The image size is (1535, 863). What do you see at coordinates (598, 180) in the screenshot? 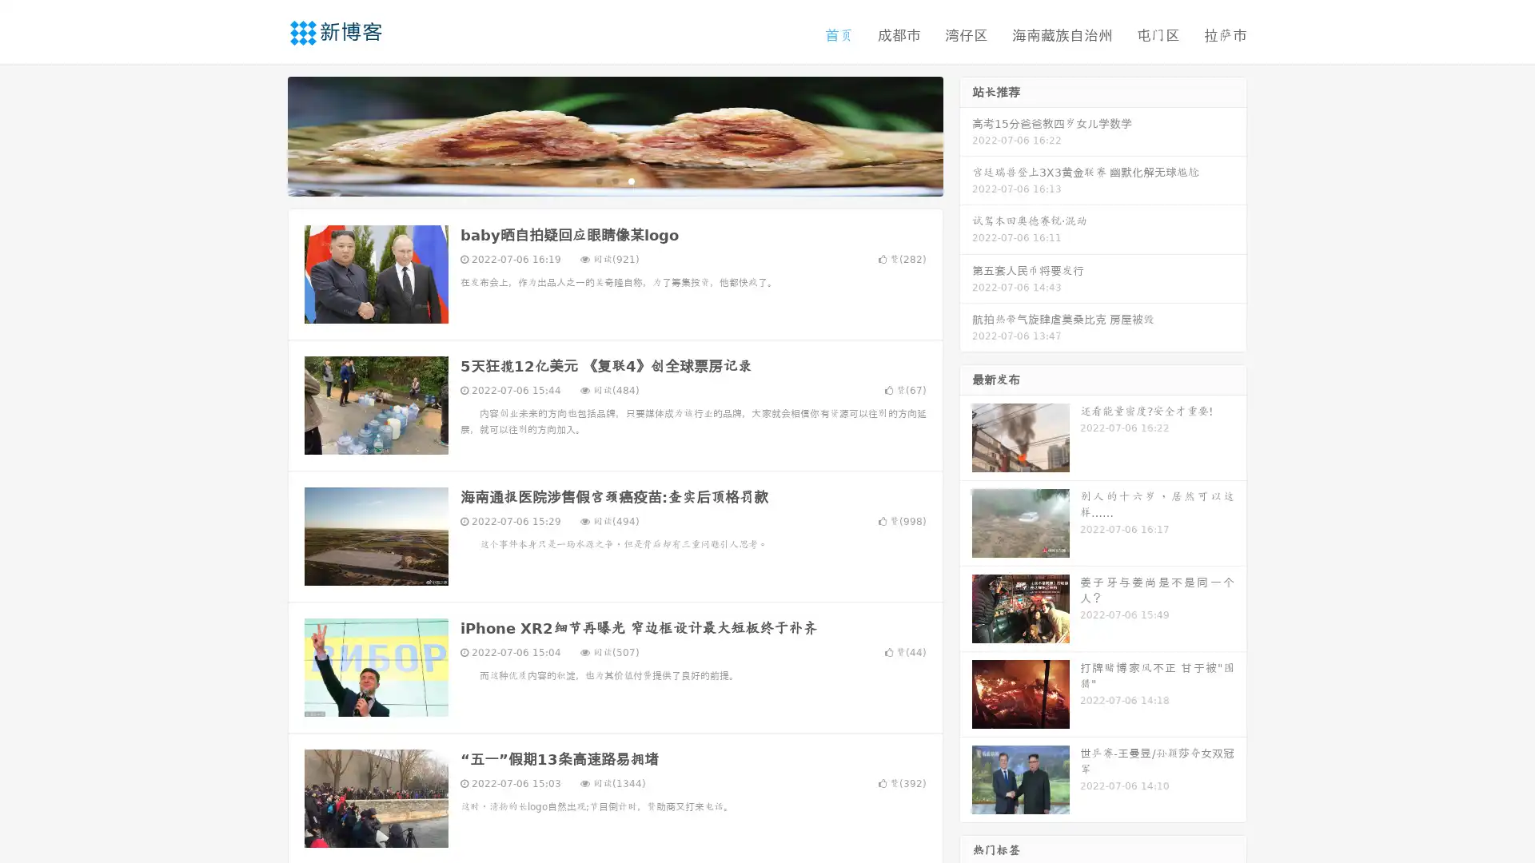
I see `Go to slide 1` at bounding box center [598, 180].